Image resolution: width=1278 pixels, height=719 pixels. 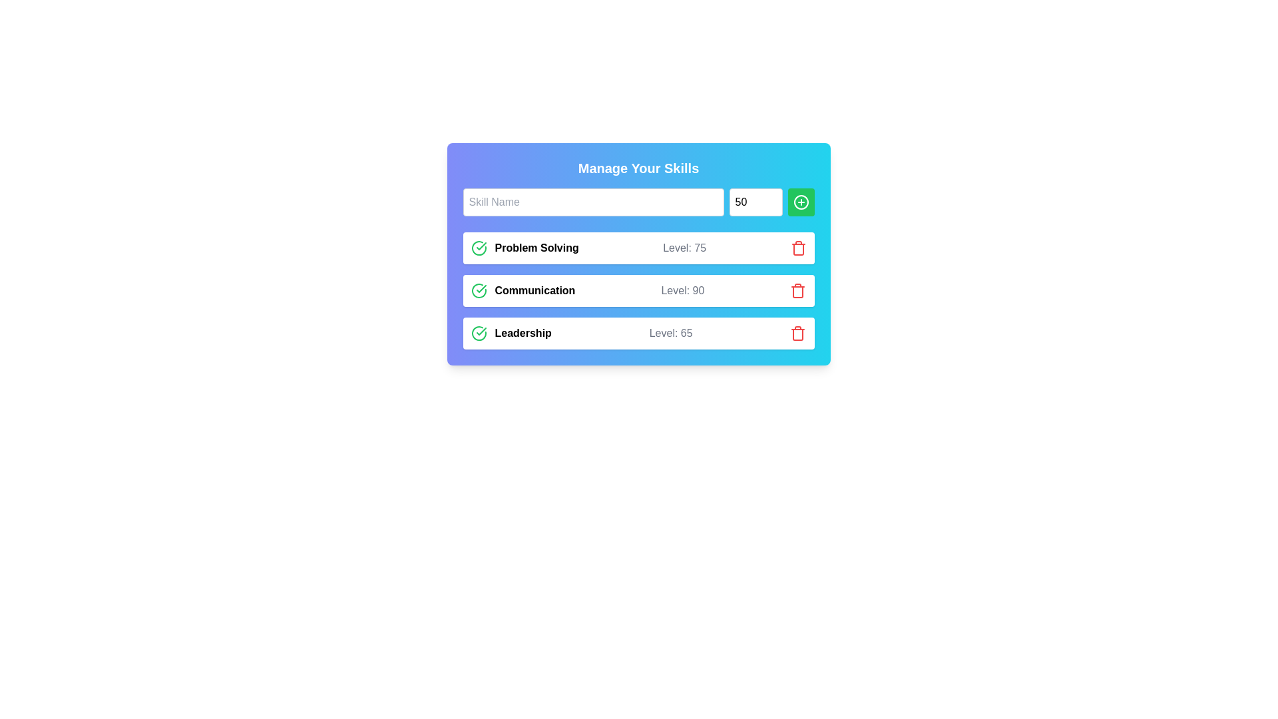 I want to click on the 'Communication' text label, which is styled in bold and positioned below 'Problem Solving' and above 'Leadership' in the 'Manage Your Skills' section, so click(x=522, y=290).